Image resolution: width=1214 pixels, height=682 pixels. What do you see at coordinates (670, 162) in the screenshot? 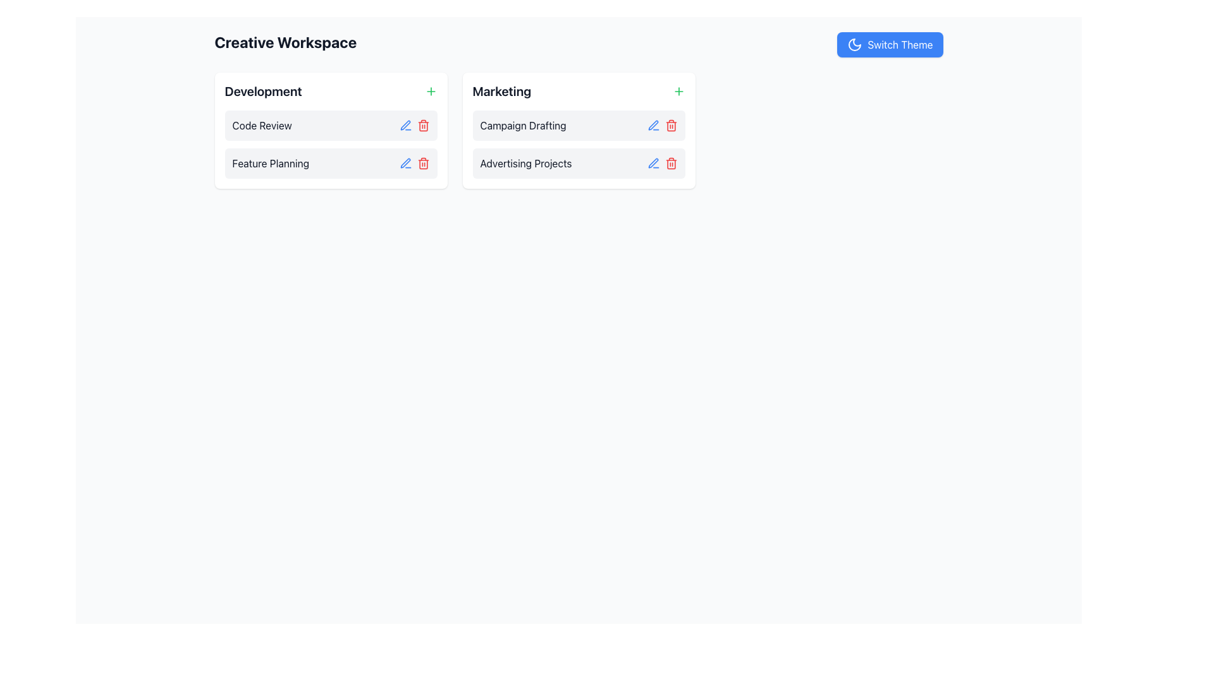
I see `the small red trash can icon located adjacent to the 'Advertising Projects' text in the 'Marketing' section` at bounding box center [670, 162].